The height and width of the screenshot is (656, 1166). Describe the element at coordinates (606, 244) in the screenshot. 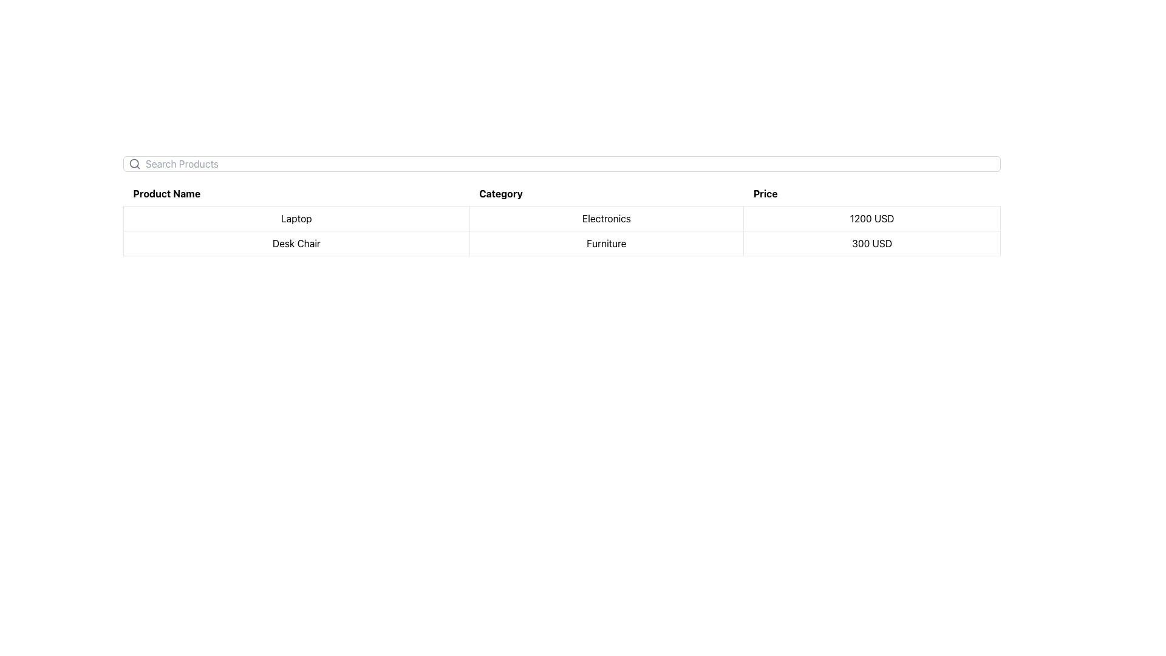

I see `the text content of the 'Furniture' label located in the second row of the table under the 'Category' column` at that location.